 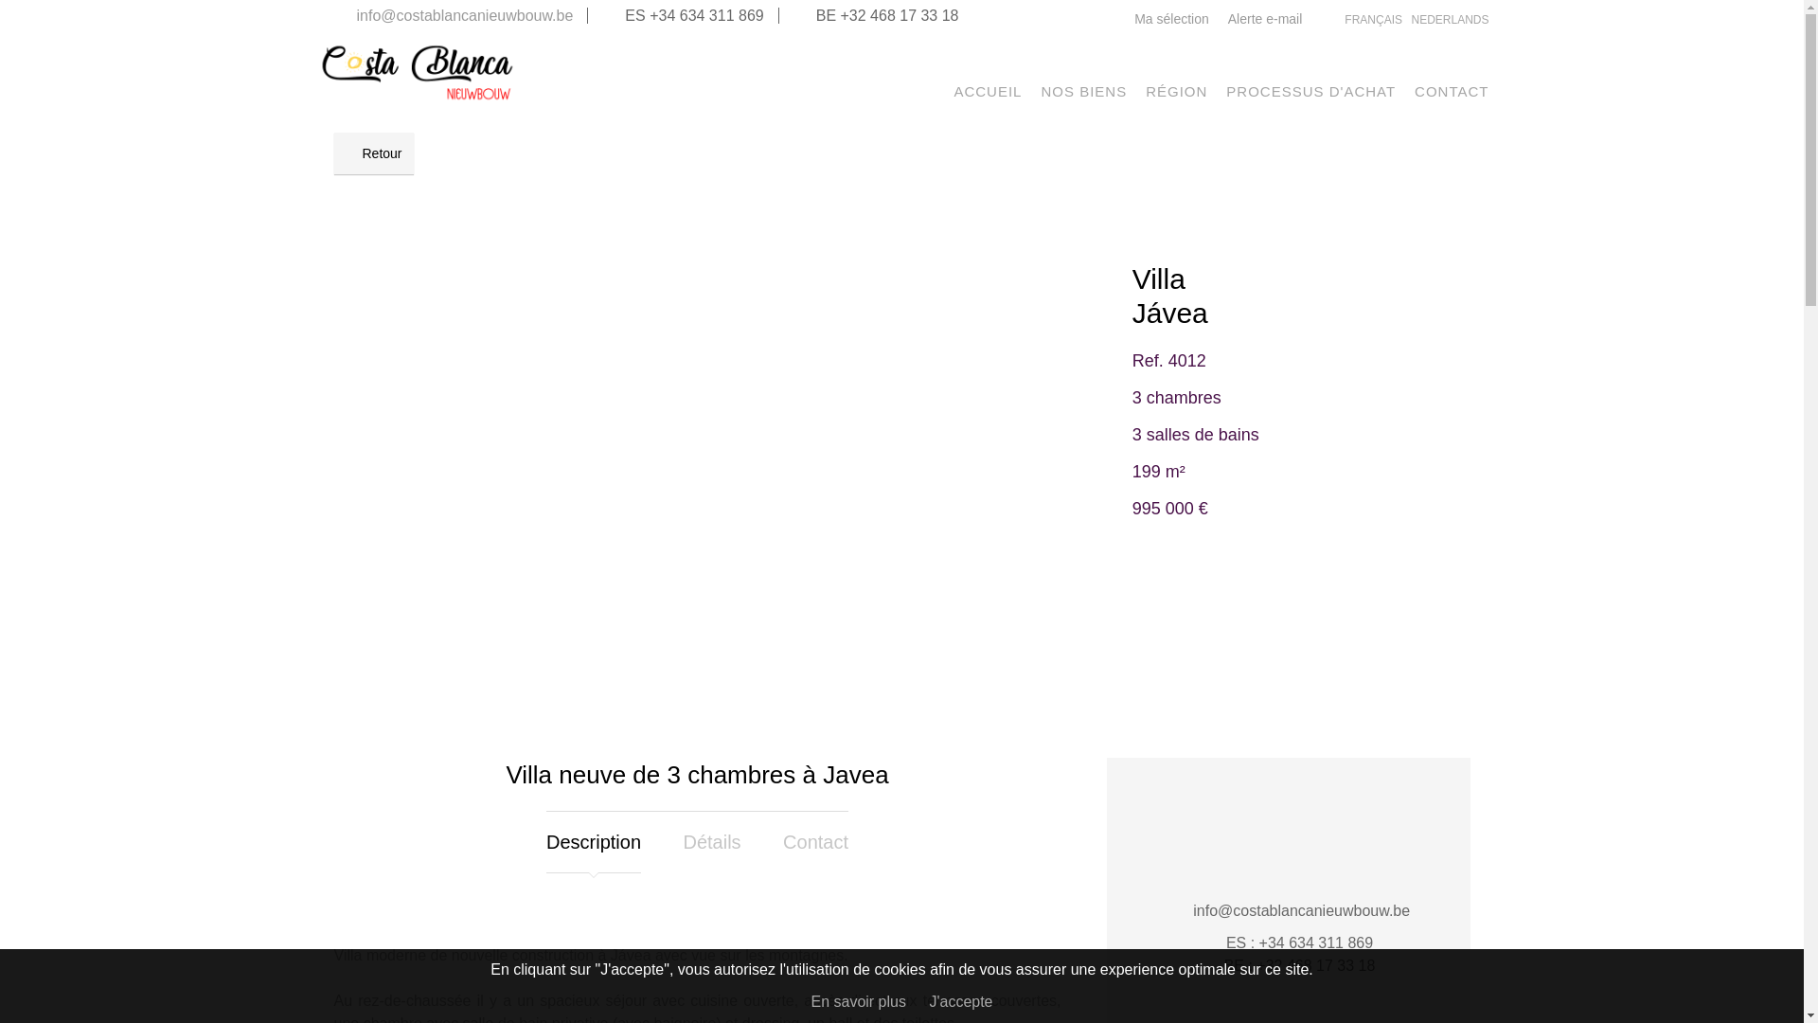 I want to click on 'Description', so click(x=544, y=841).